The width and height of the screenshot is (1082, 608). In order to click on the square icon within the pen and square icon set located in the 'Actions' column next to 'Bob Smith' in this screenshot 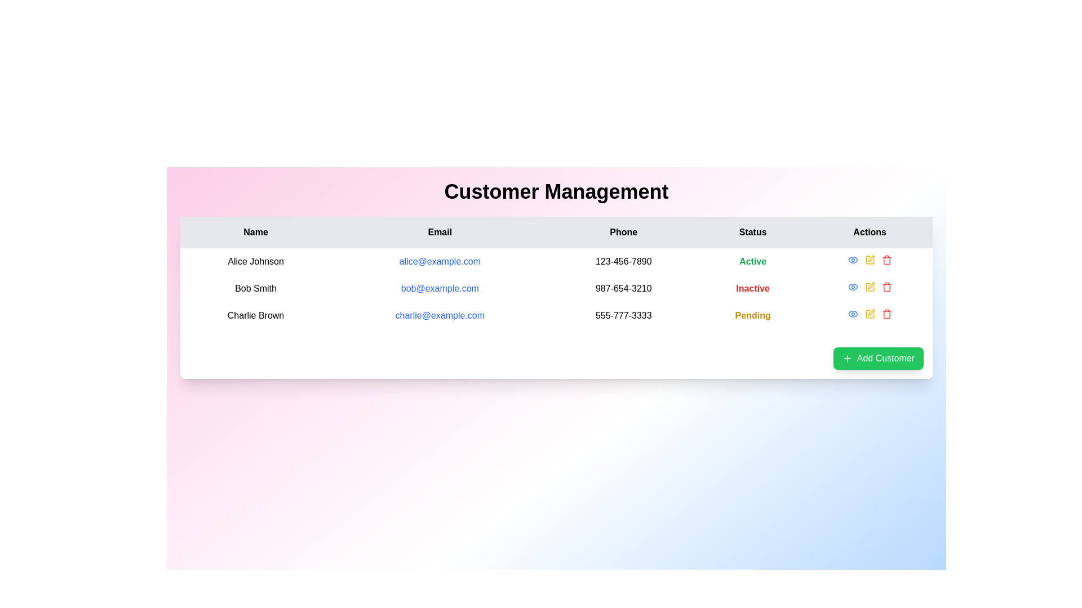, I will do `click(869, 260)`.